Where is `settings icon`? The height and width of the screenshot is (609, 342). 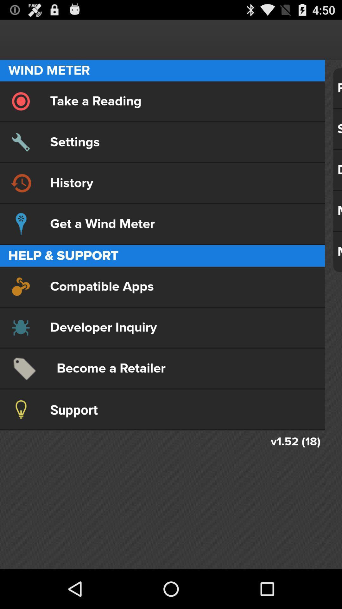
settings icon is located at coordinates (162, 142).